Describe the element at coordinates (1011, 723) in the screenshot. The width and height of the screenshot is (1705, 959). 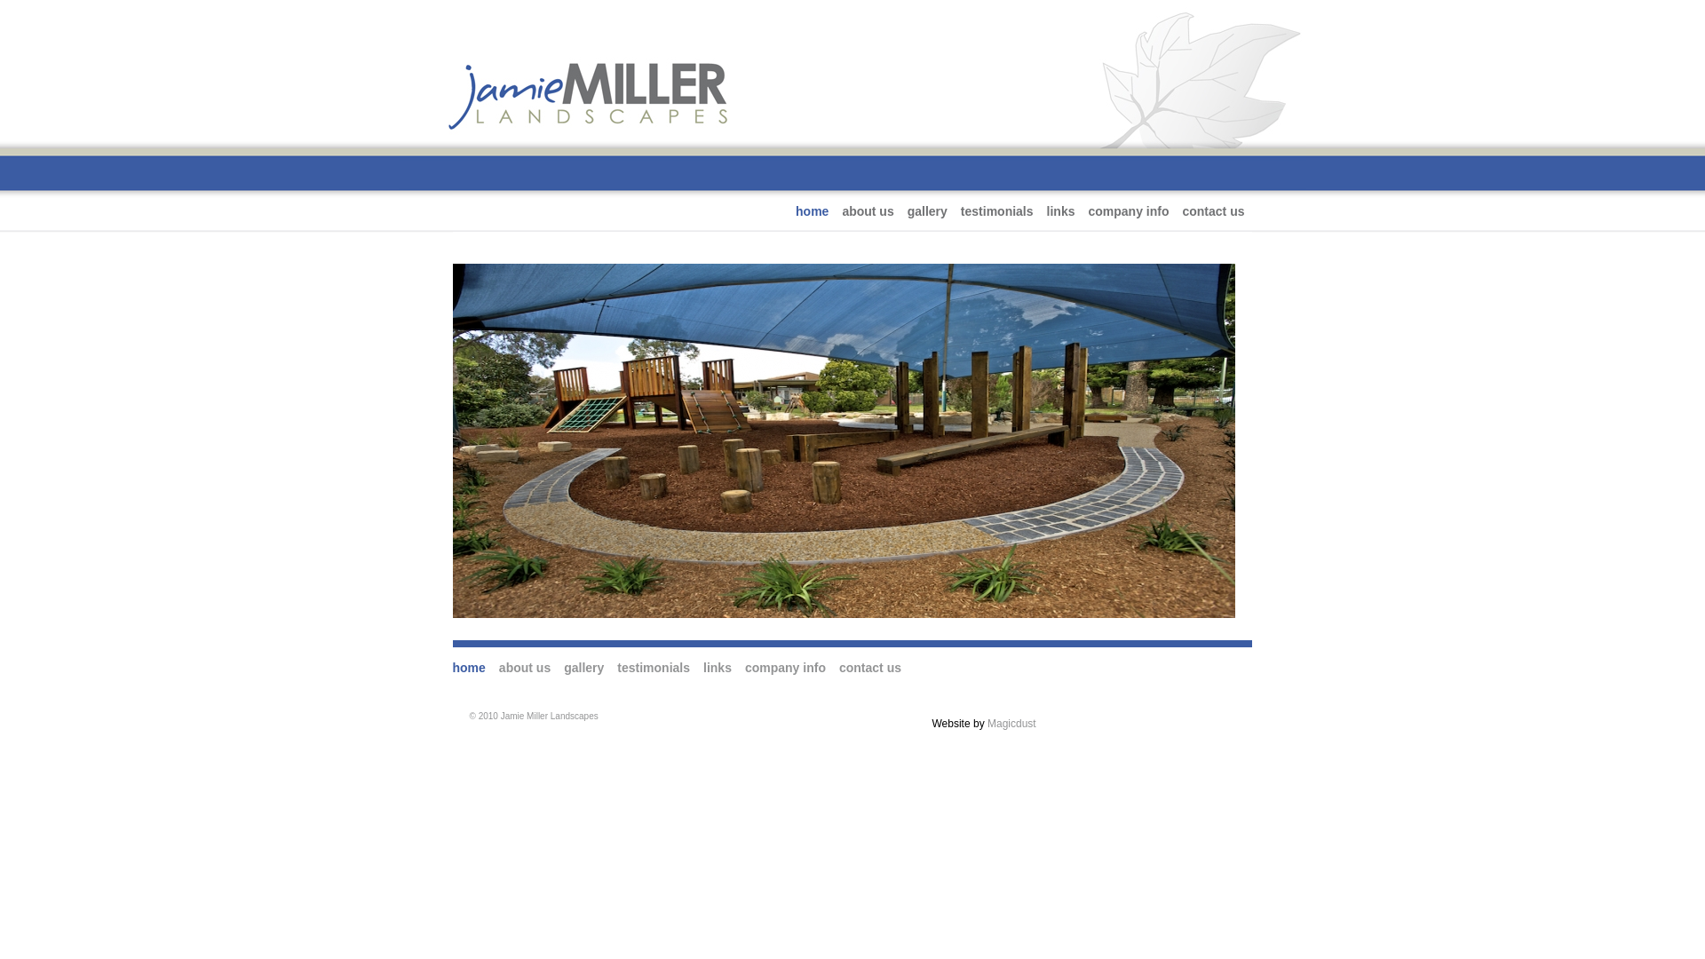
I see `'Magicdust'` at that location.